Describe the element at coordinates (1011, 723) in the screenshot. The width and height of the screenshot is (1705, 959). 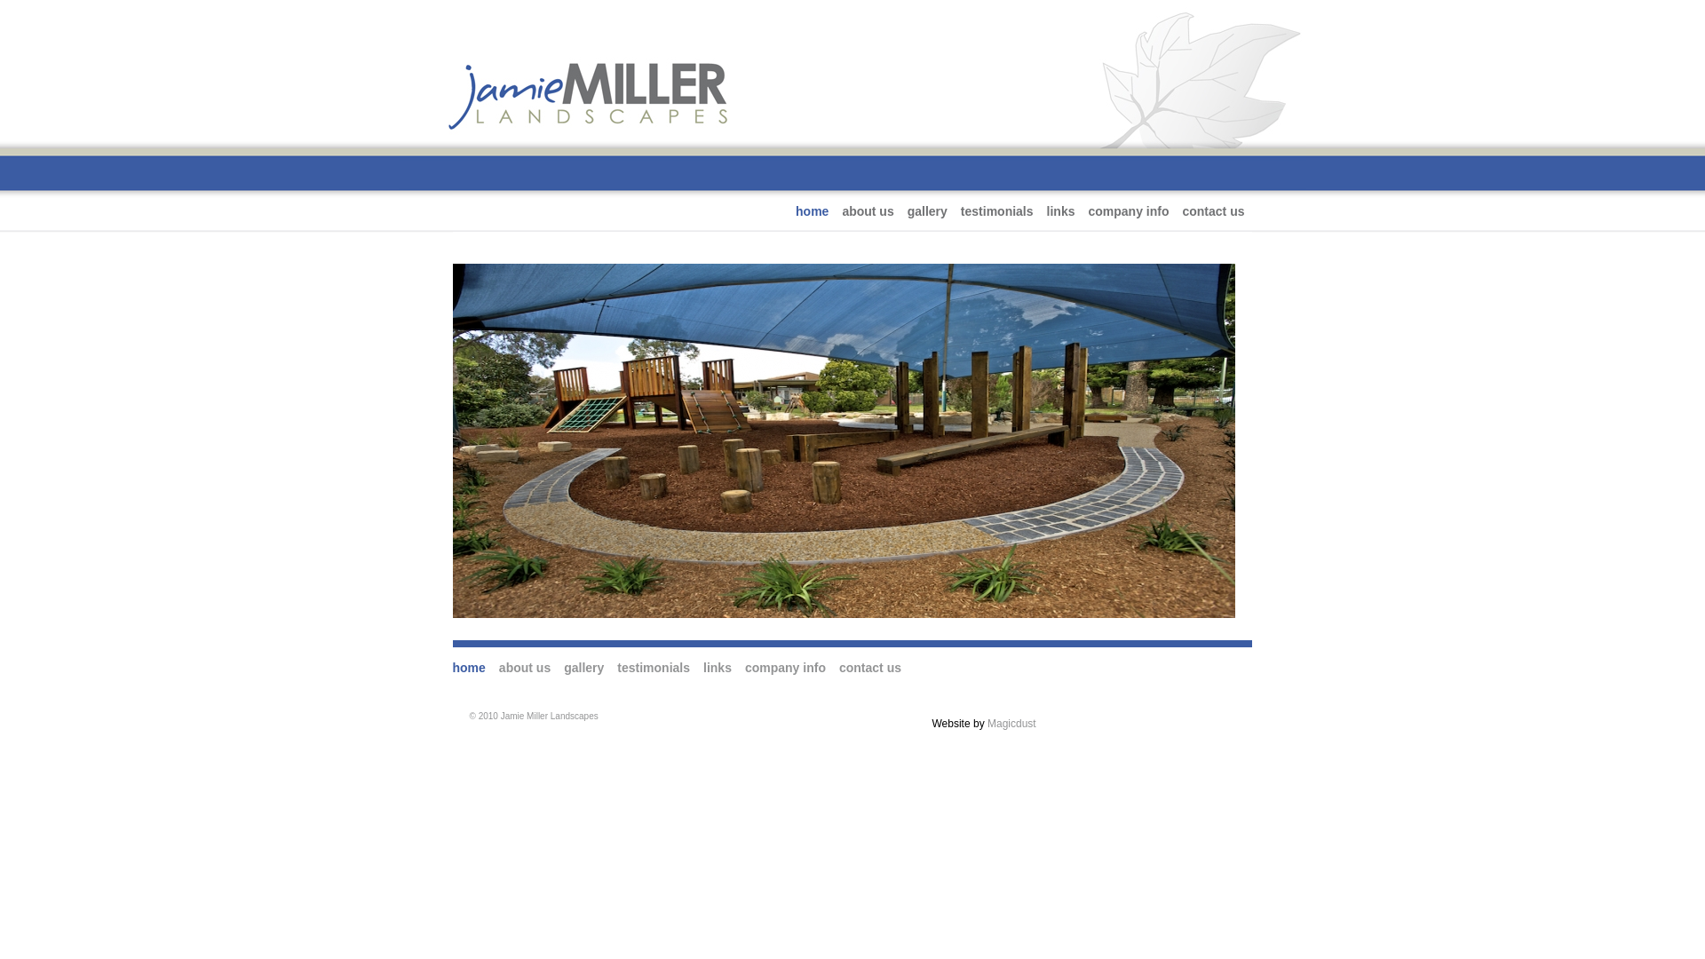
I see `'Magicdust'` at that location.